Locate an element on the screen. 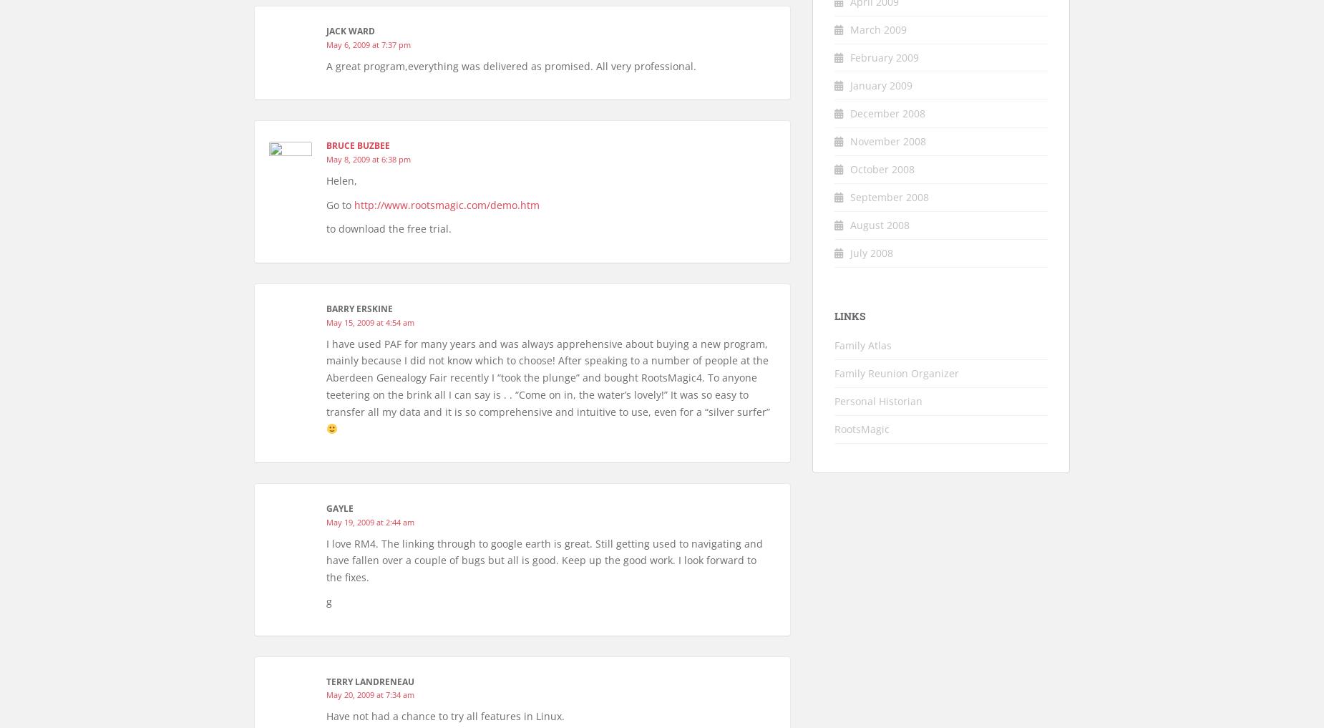  'to download the free trial.' is located at coordinates (389, 228).